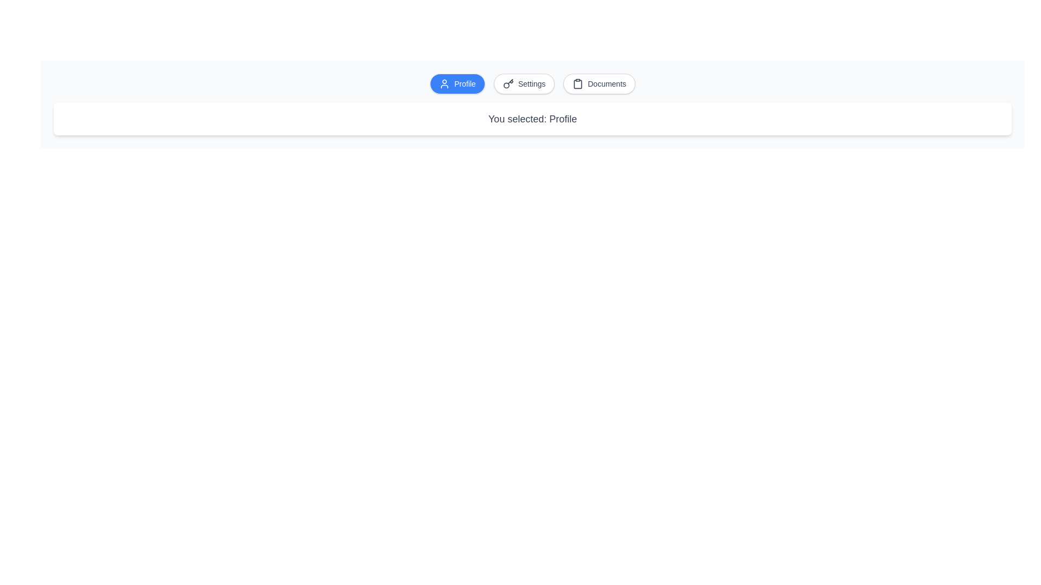 This screenshot has width=1041, height=585. Describe the element at coordinates (524, 83) in the screenshot. I see `the 'Settings' button, which is the second button in a horizontal alignment of three buttons at the top bar of the interface` at that location.